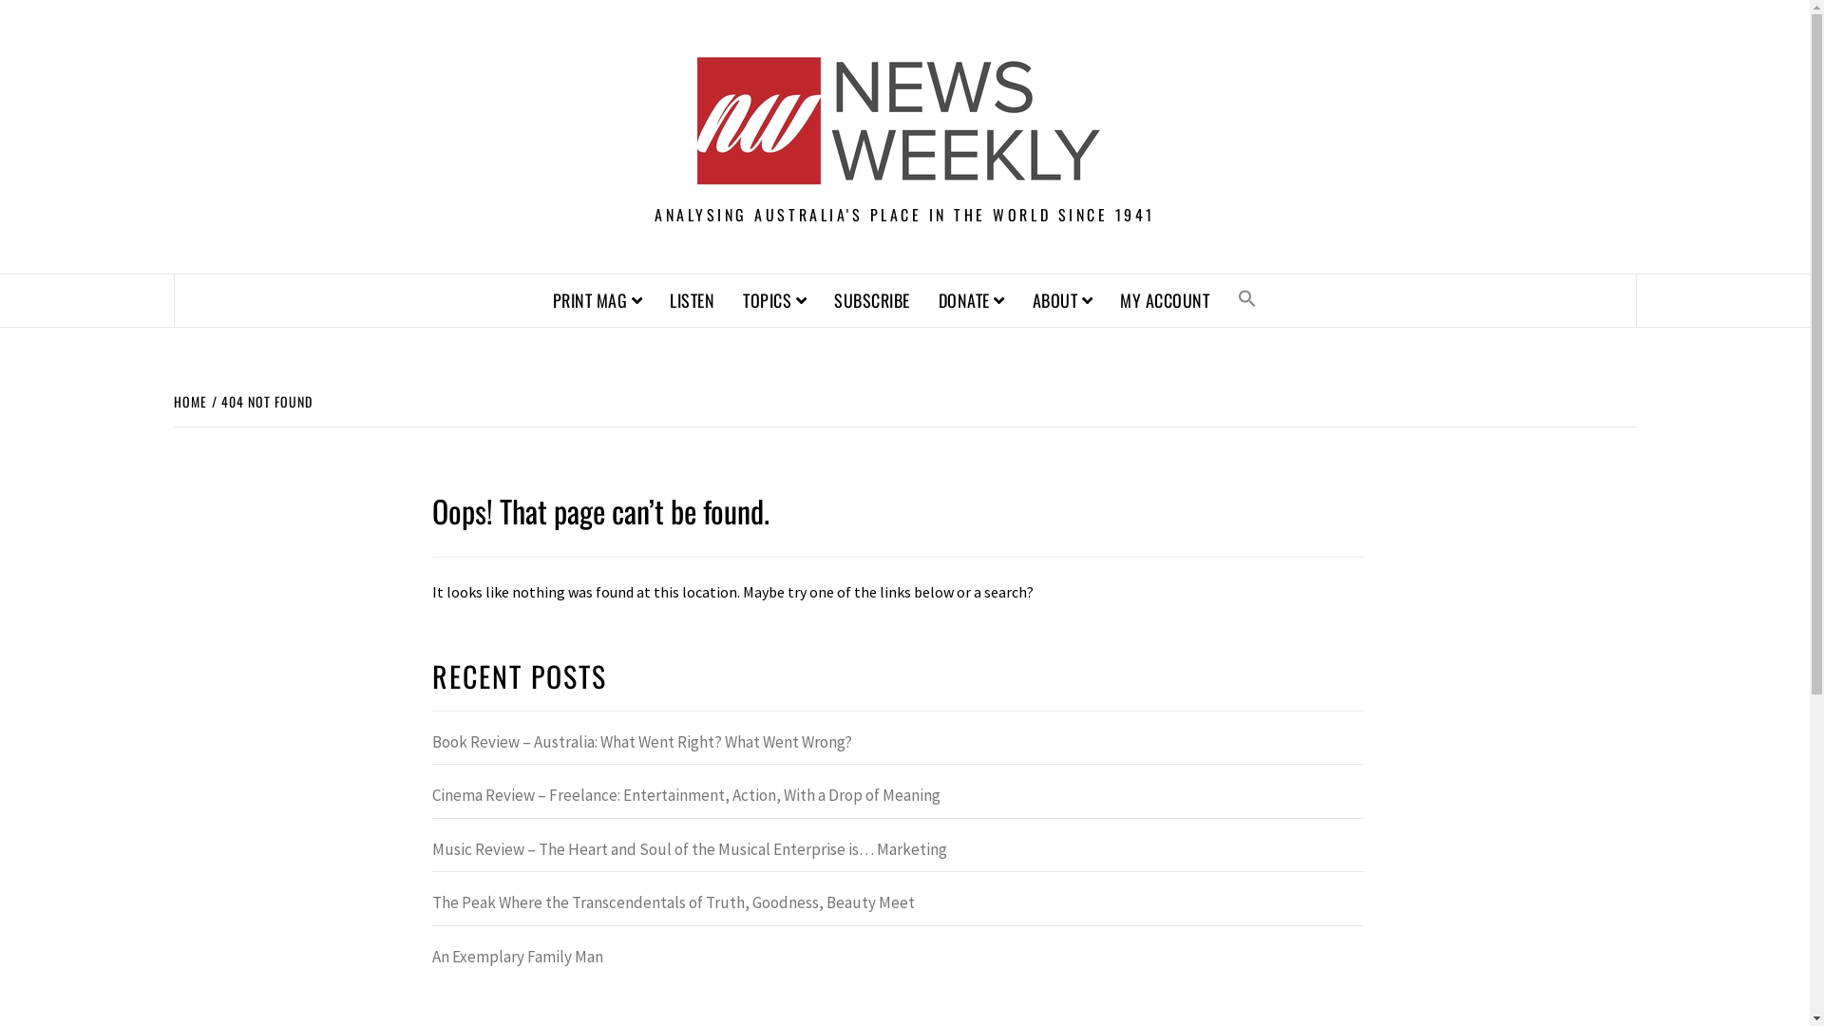 The image size is (1824, 1026). I want to click on '404 NOT FOUND', so click(262, 400).